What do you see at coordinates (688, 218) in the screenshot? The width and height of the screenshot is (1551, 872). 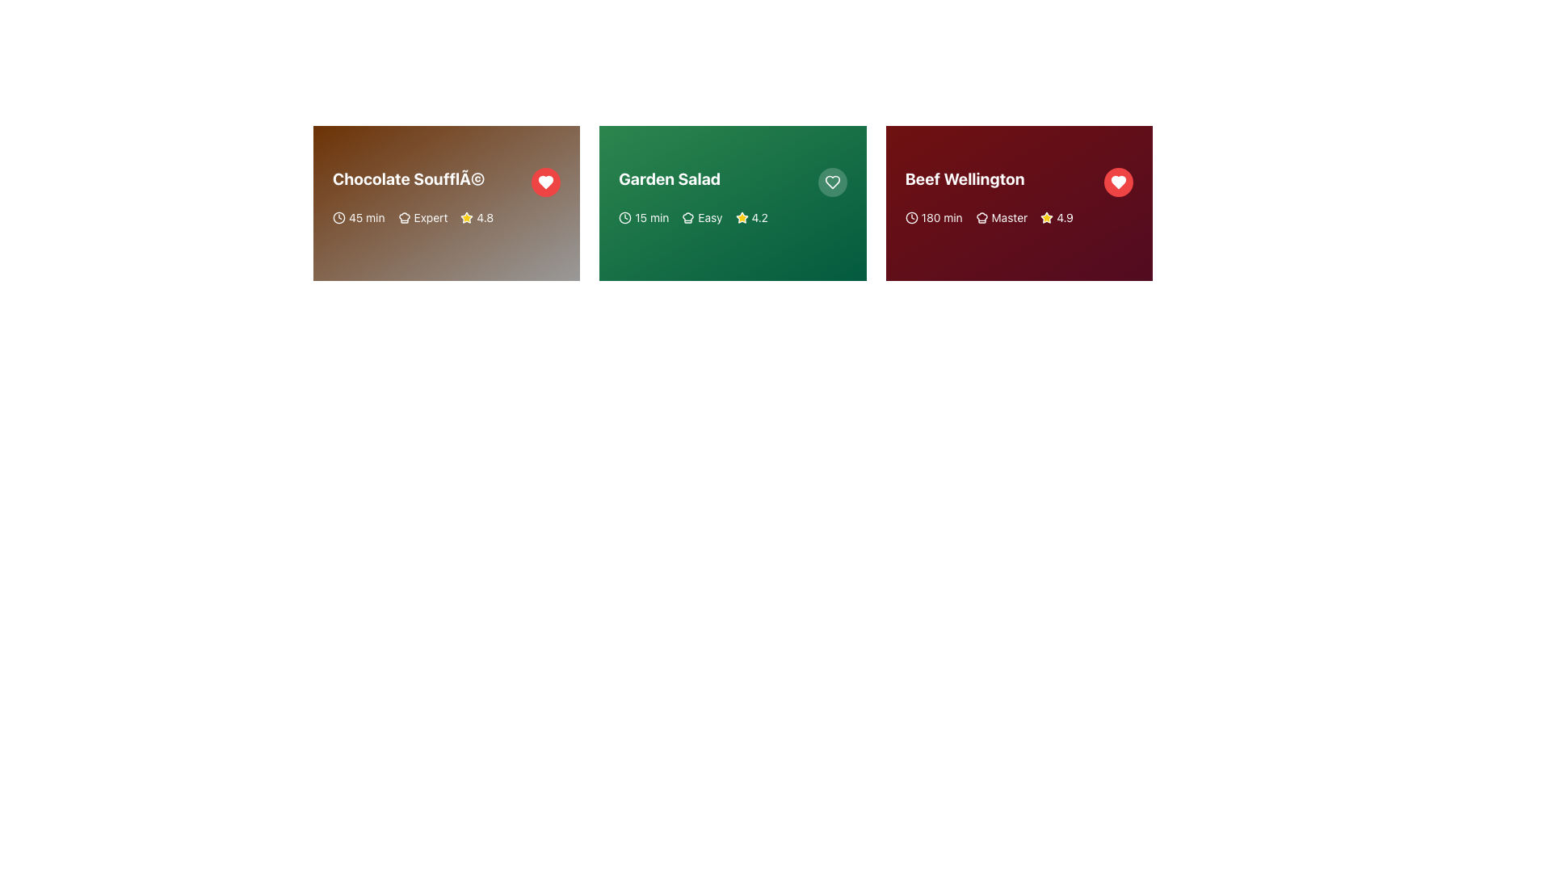 I see `the 'Easy' difficulty icon located to the left of the text 'Easy' in the 'Garden Salad' card` at bounding box center [688, 218].